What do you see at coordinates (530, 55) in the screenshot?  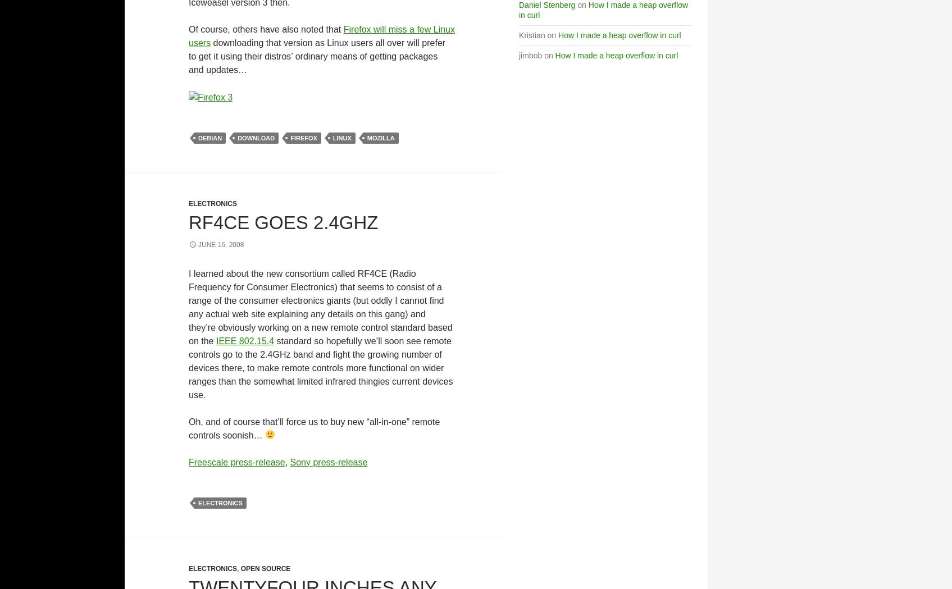 I see `'jimbob'` at bounding box center [530, 55].